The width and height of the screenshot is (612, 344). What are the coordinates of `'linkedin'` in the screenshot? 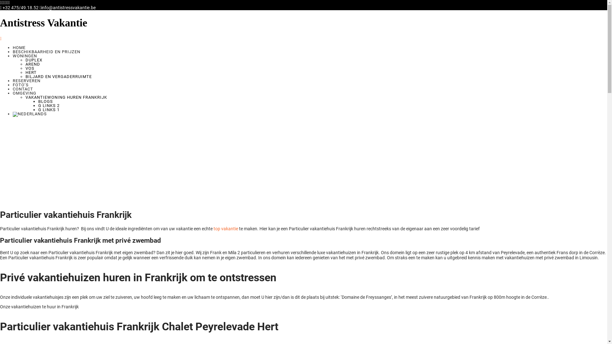 It's located at (5, 3).